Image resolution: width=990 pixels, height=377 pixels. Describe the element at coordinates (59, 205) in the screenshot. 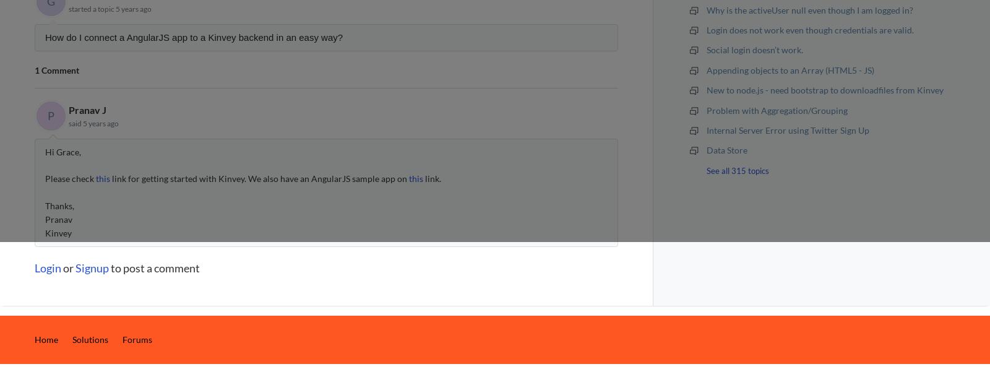

I see `'Thanks,'` at that location.